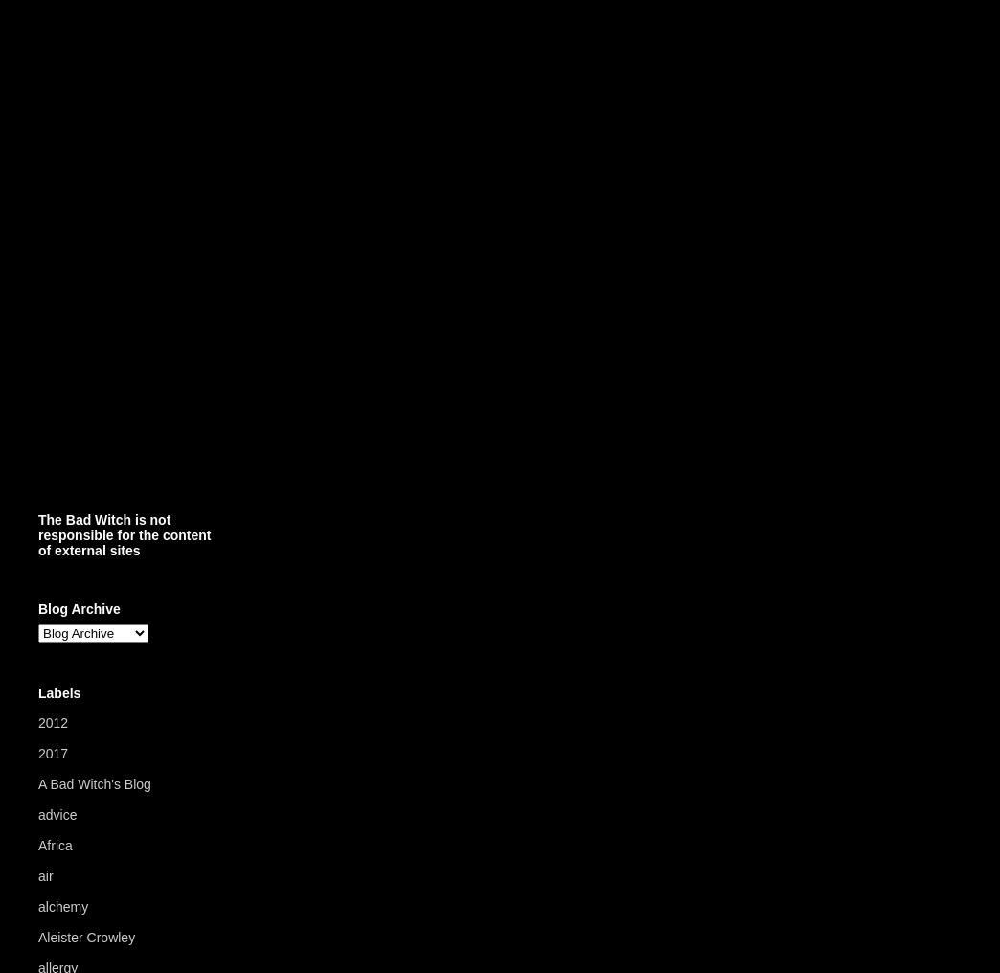 Image resolution: width=1000 pixels, height=973 pixels. What do you see at coordinates (165, 782) in the screenshot?
I see `'(67)'` at bounding box center [165, 782].